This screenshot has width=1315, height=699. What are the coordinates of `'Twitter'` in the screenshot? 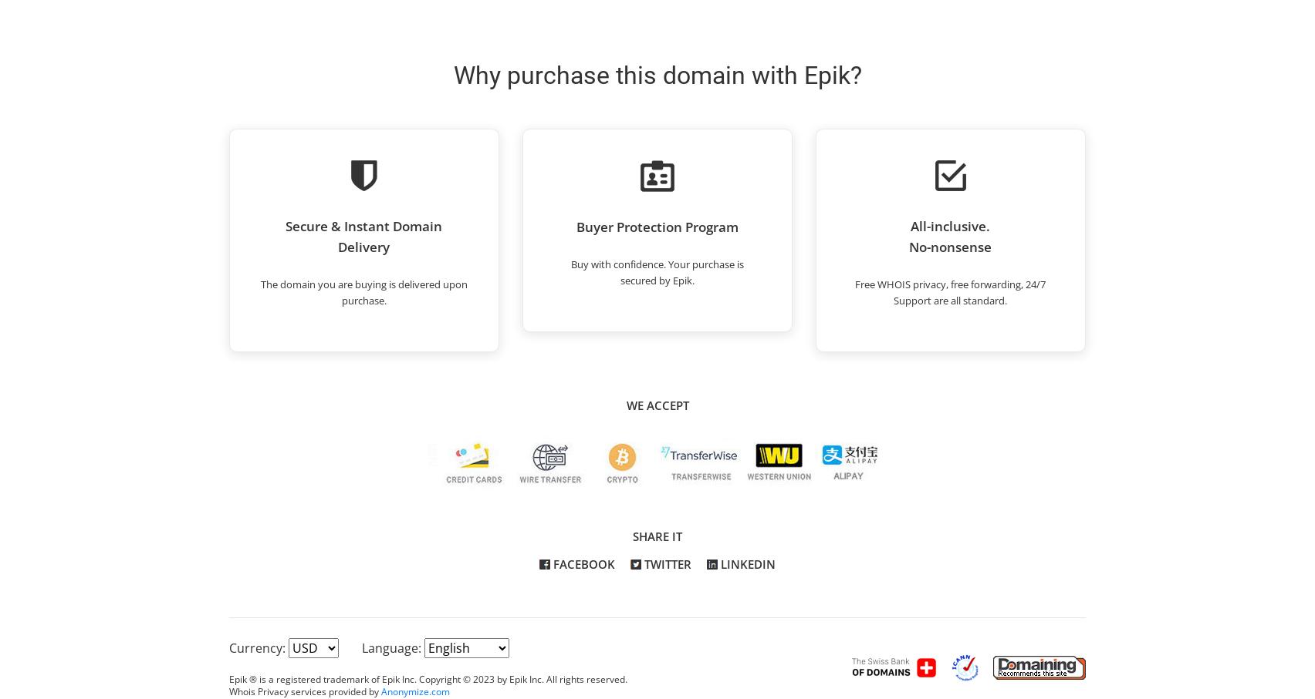 It's located at (641, 564).